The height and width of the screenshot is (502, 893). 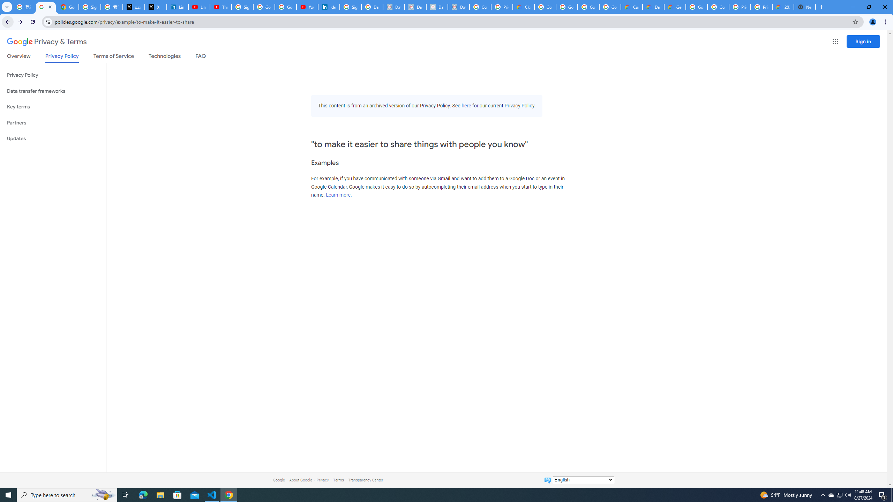 I want to click on 'Customer Care | Google Cloud', so click(x=631, y=7).